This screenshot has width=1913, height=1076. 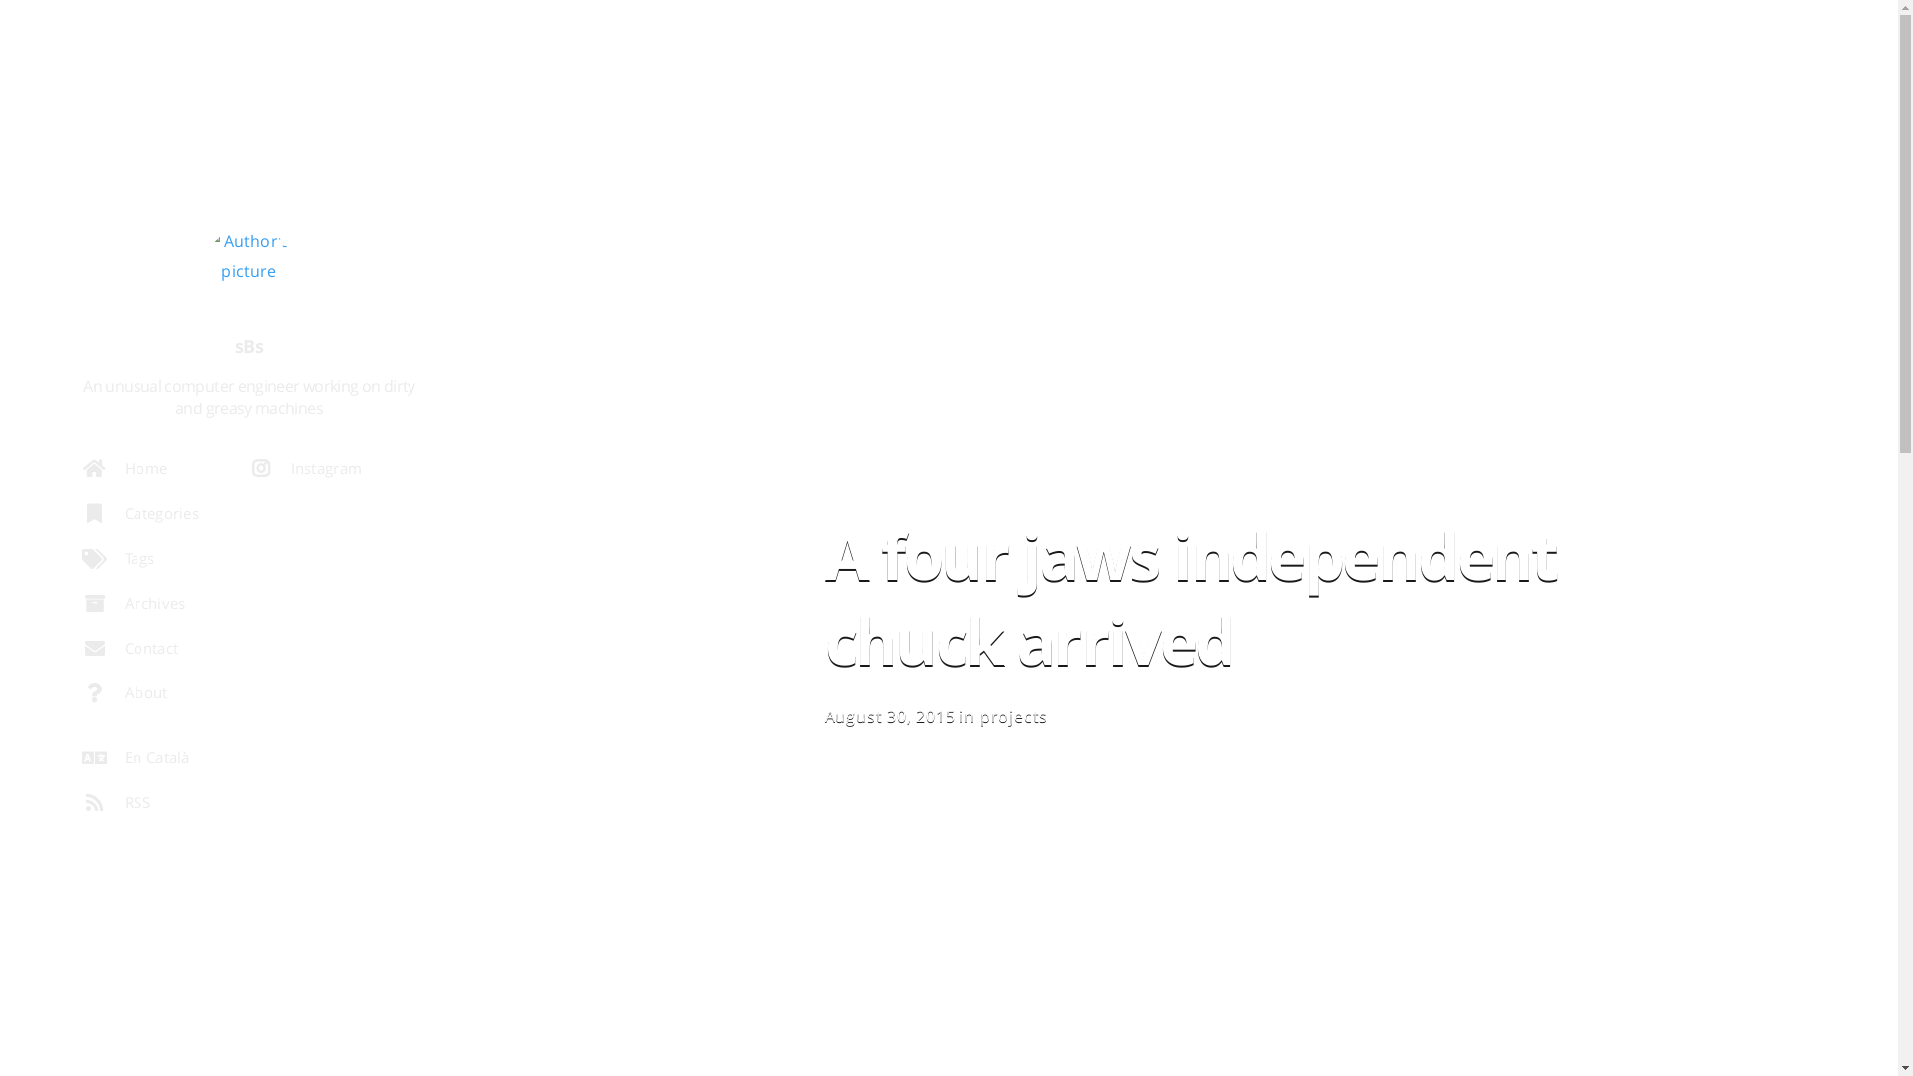 What do you see at coordinates (162, 807) in the screenshot?
I see `'RSS'` at bounding box center [162, 807].